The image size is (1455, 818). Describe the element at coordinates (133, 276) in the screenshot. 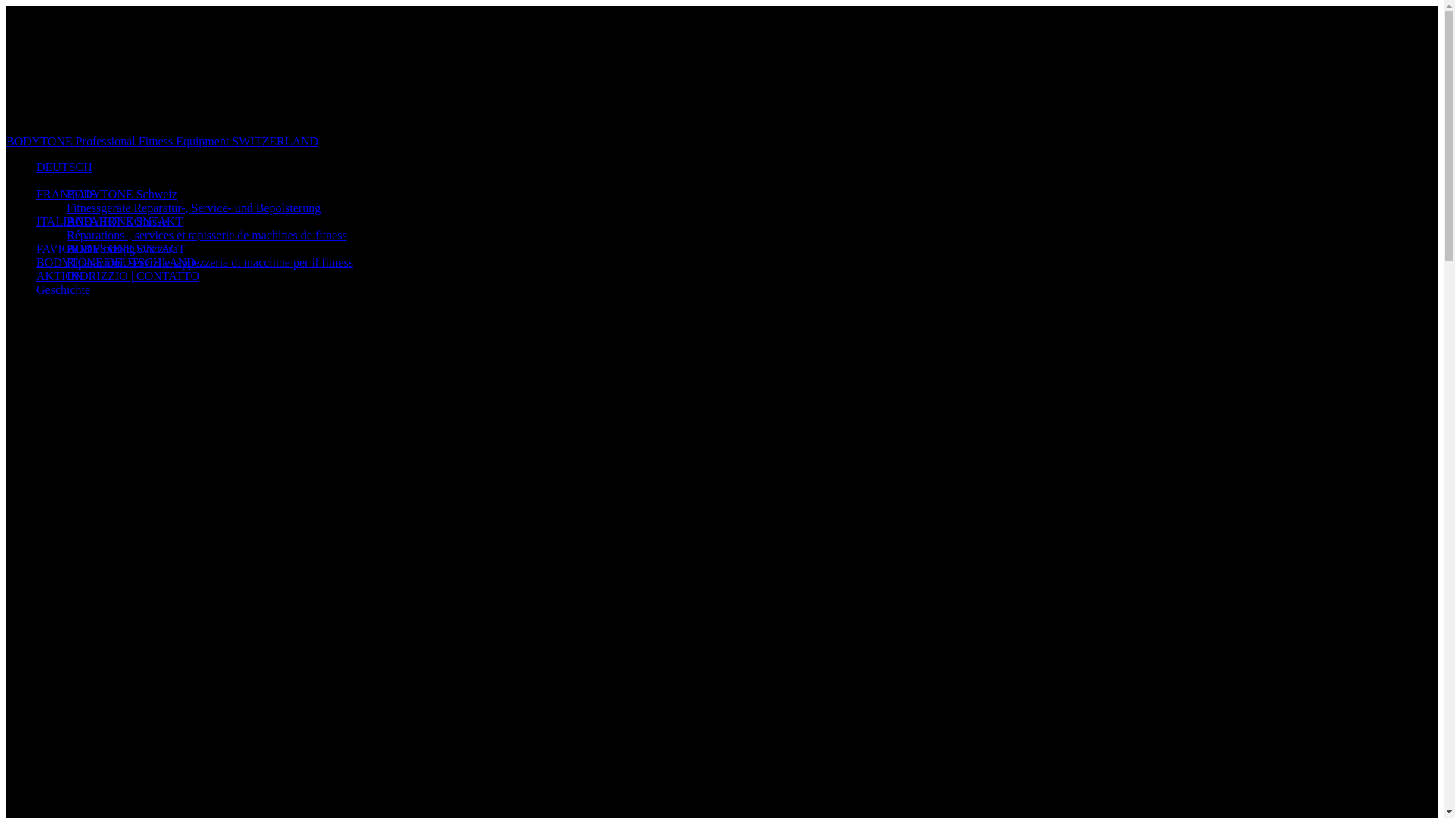

I see `'INDRIZZIO | CONTATTO'` at that location.